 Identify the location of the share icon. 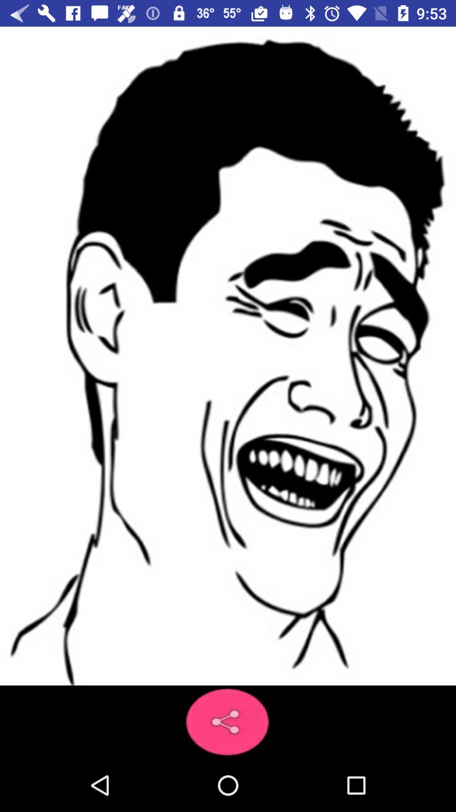
(228, 721).